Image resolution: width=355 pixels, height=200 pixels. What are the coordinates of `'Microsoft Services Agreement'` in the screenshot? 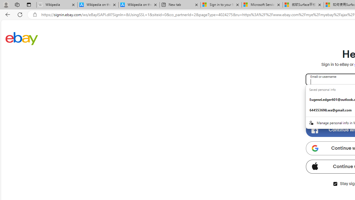 It's located at (262, 5).